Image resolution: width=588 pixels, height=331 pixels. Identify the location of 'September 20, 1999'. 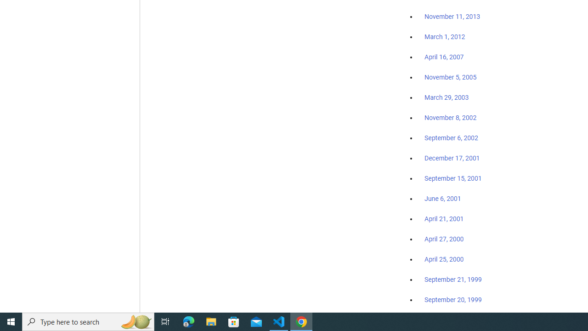
(453, 299).